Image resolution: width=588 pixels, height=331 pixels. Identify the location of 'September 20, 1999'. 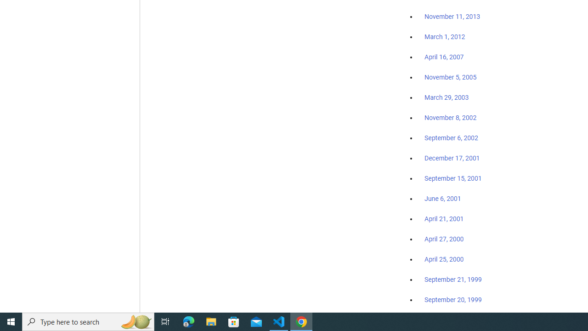
(453, 299).